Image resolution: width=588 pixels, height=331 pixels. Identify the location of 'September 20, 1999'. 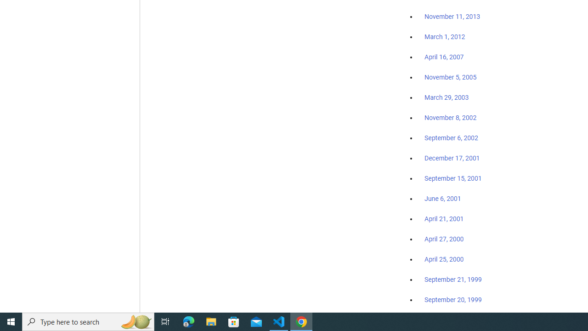
(453, 299).